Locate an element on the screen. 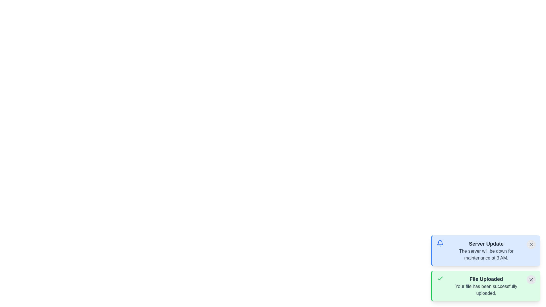  the Close icon in the top-right corner of the 'Server Update' notification is located at coordinates (531, 244).